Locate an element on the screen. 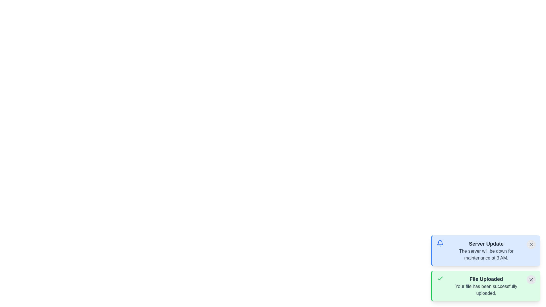  the Close icon in the top-right corner of the 'Server Update' notification is located at coordinates (531, 244).